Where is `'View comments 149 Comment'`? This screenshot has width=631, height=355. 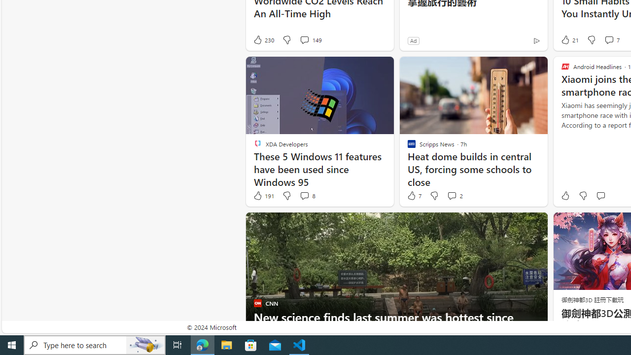 'View comments 149 Comment' is located at coordinates (310, 39).